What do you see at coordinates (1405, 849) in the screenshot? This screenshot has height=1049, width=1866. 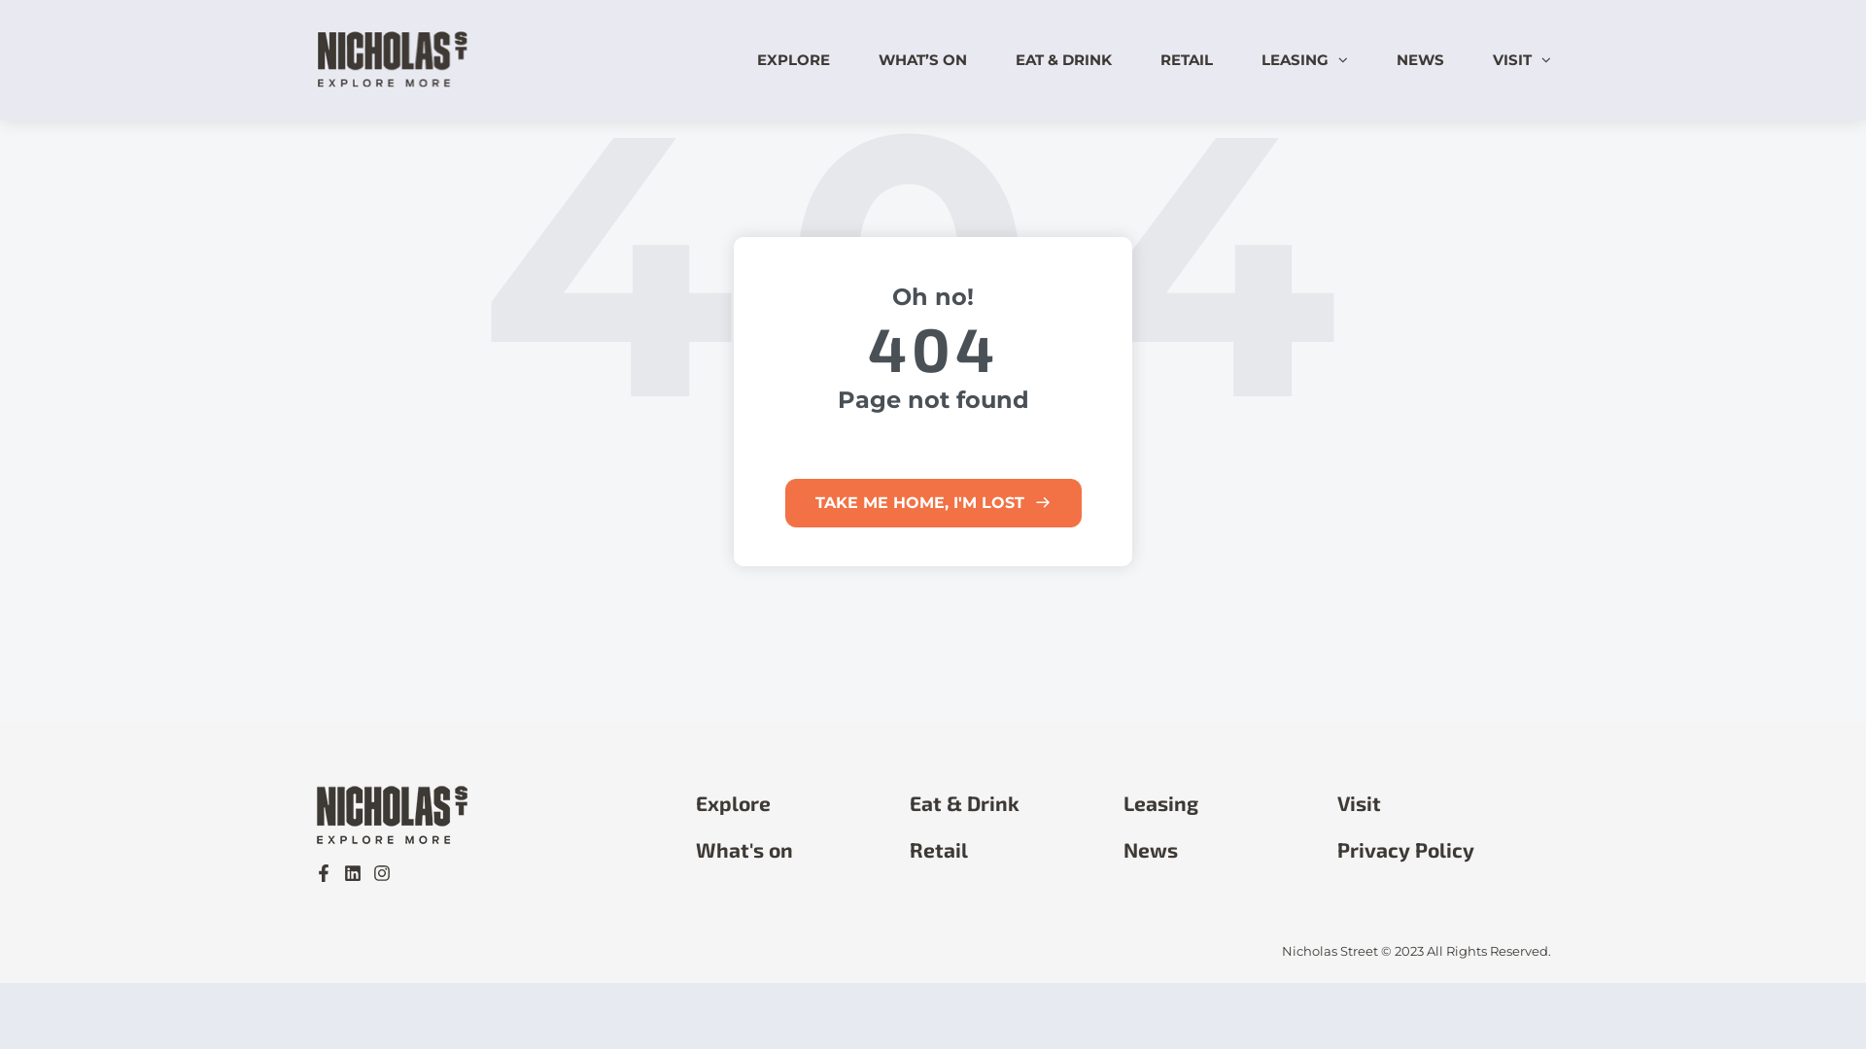 I see `'Privacy Policy'` at bounding box center [1405, 849].